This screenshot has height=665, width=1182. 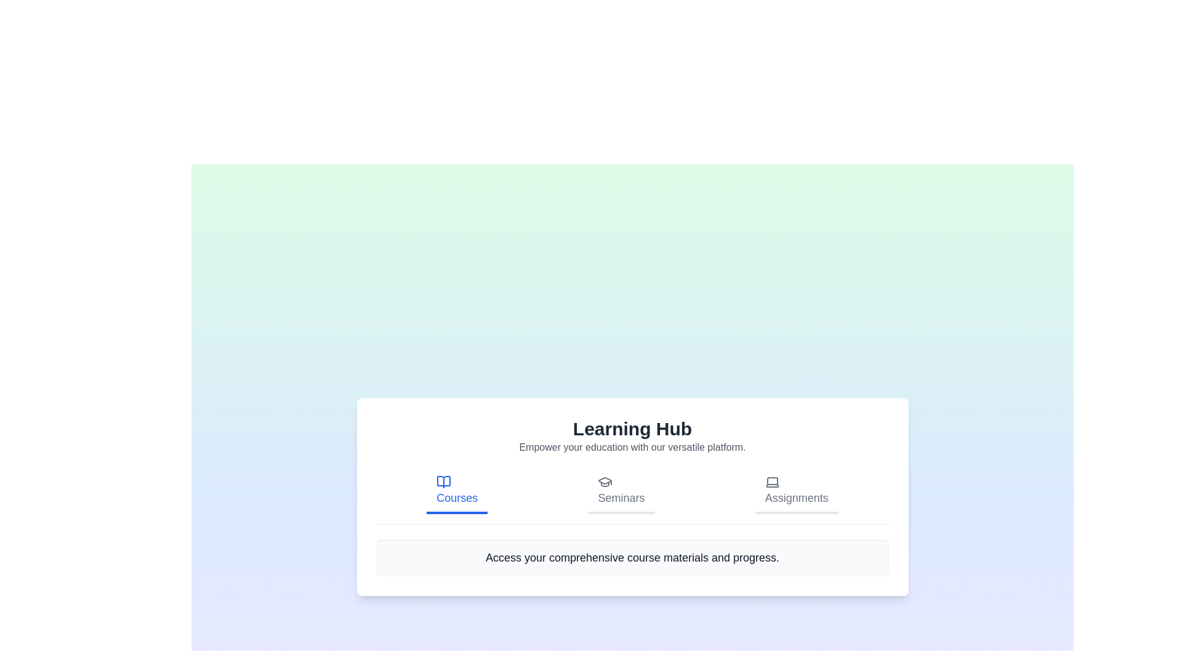 I want to click on the informational label text located at the bottom section of the main interface card, which provides context regarding access to course materials and progress, so click(x=632, y=557).